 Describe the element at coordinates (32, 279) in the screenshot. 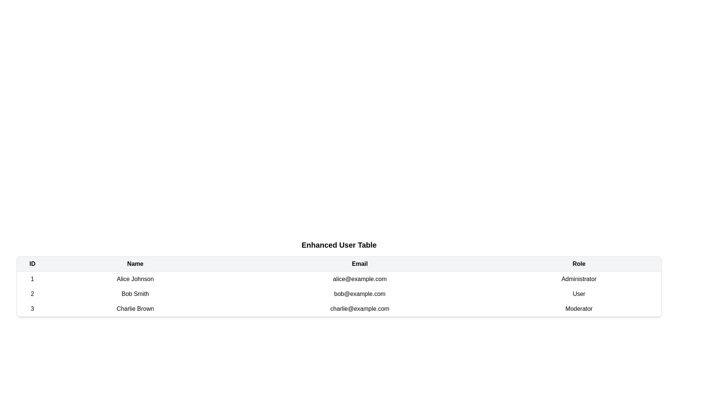

I see `the Text label that serves as an identifier for the corresponding data row in the first column of the first data row of the table, located under the 'ID' header` at that location.